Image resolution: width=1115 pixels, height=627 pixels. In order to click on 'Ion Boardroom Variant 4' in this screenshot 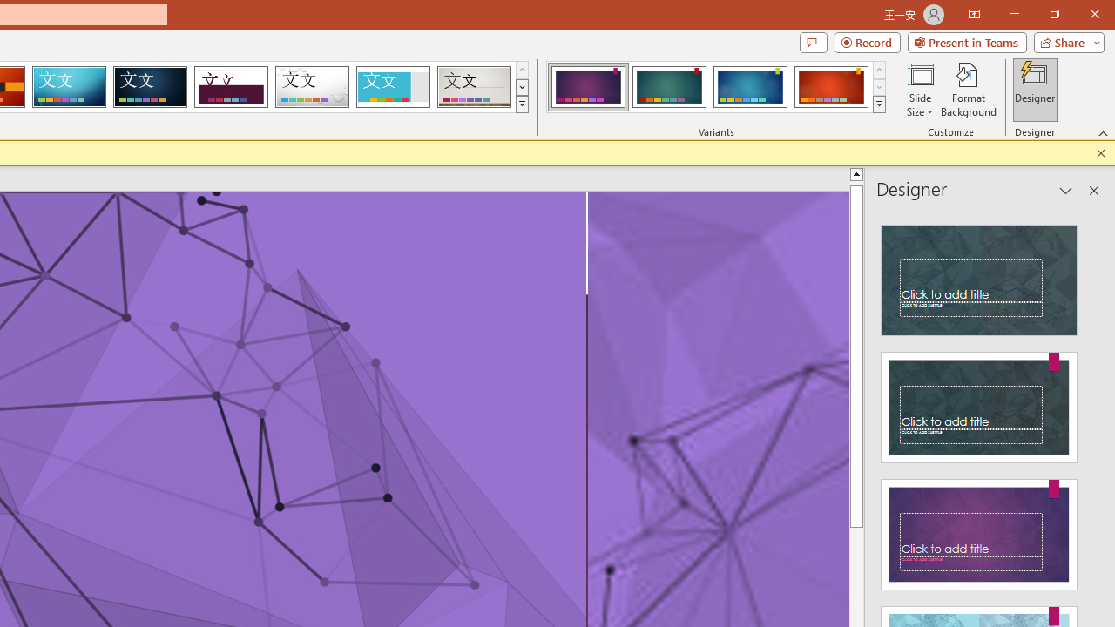, I will do `click(830, 87)`.